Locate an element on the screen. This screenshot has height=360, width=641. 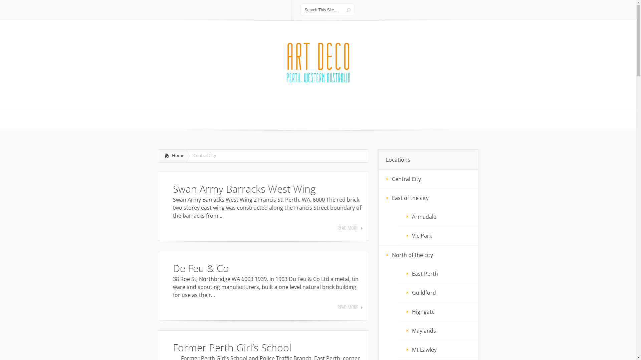
'Highgate' is located at coordinates (438, 311).